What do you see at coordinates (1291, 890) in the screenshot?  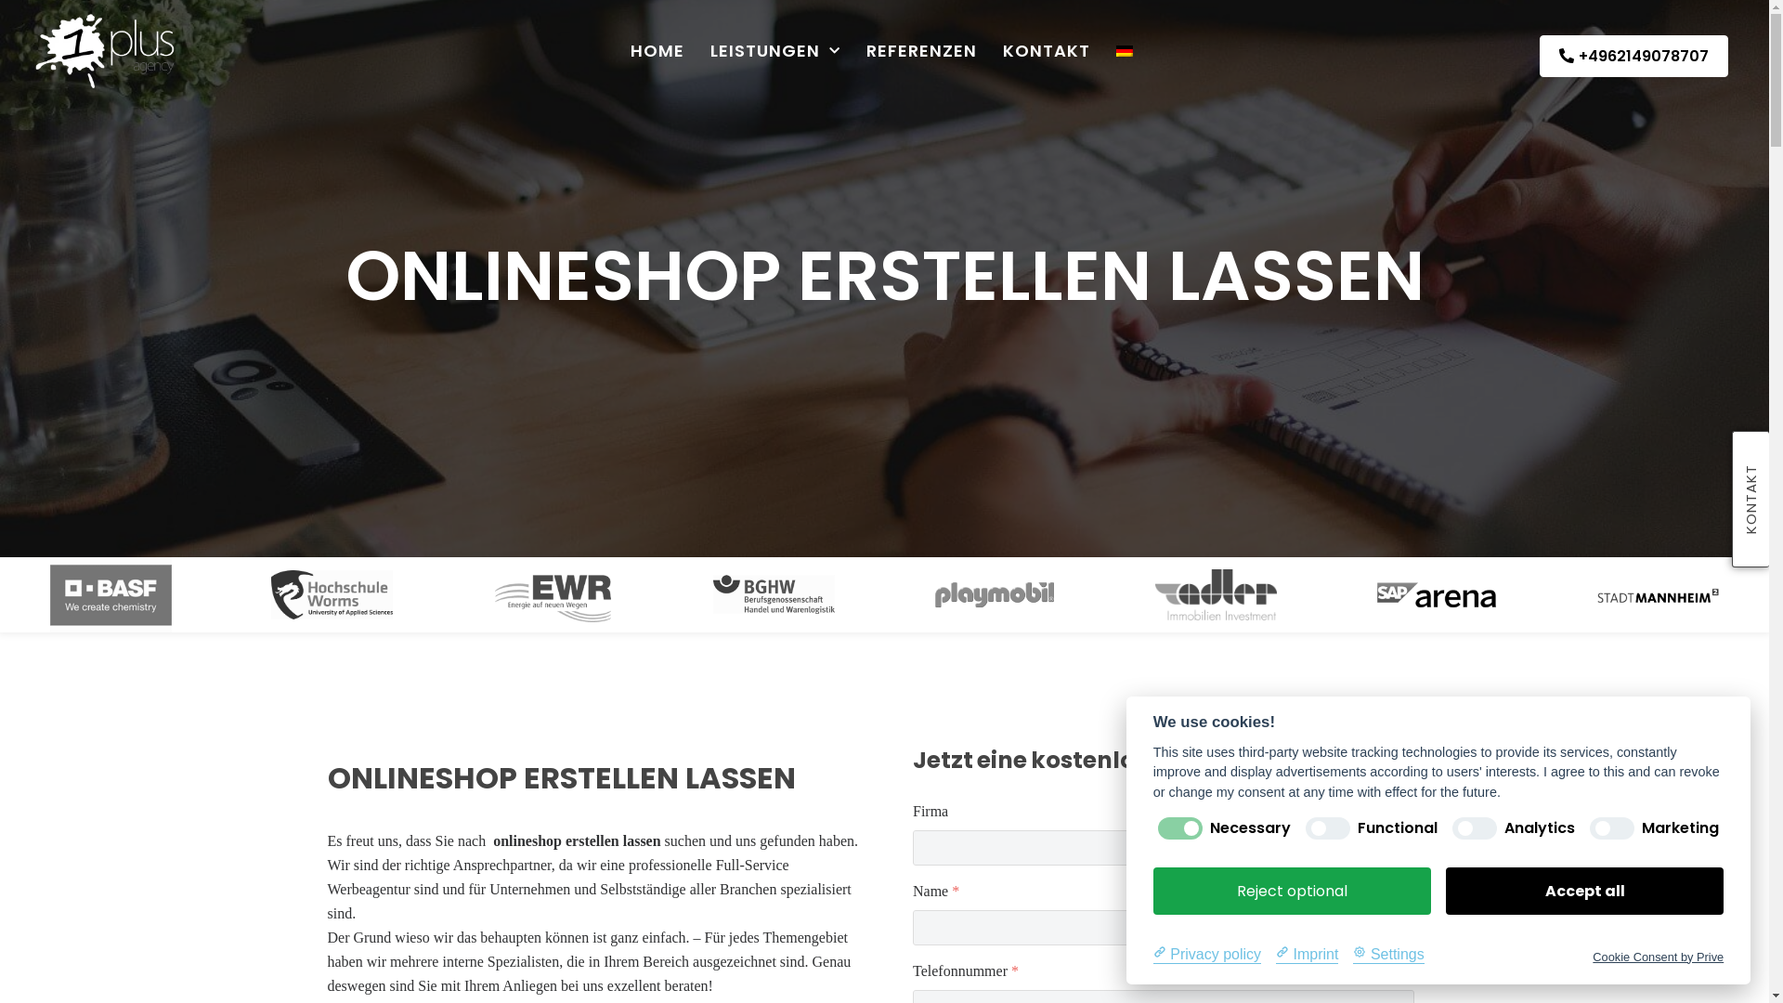 I see `'Reject optional'` at bounding box center [1291, 890].